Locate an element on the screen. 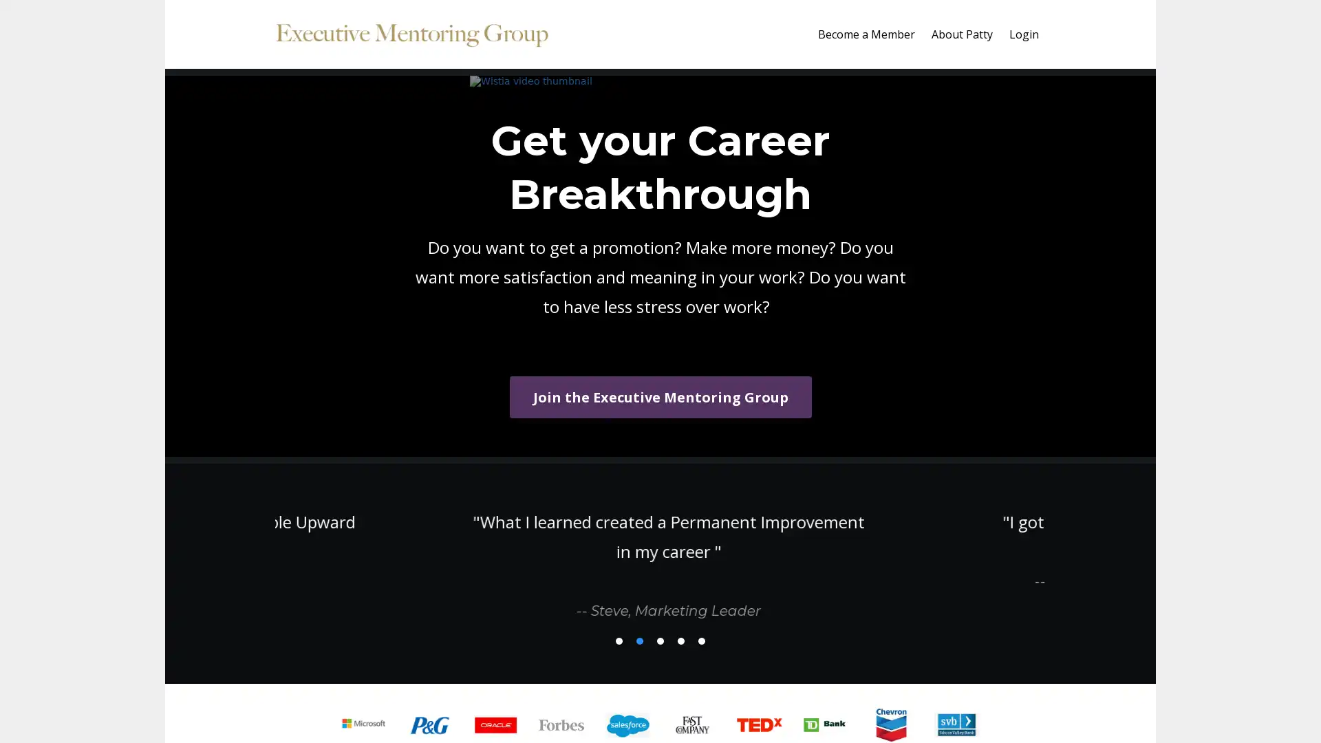 This screenshot has height=743, width=1321. 4 is located at coordinates (680, 610).